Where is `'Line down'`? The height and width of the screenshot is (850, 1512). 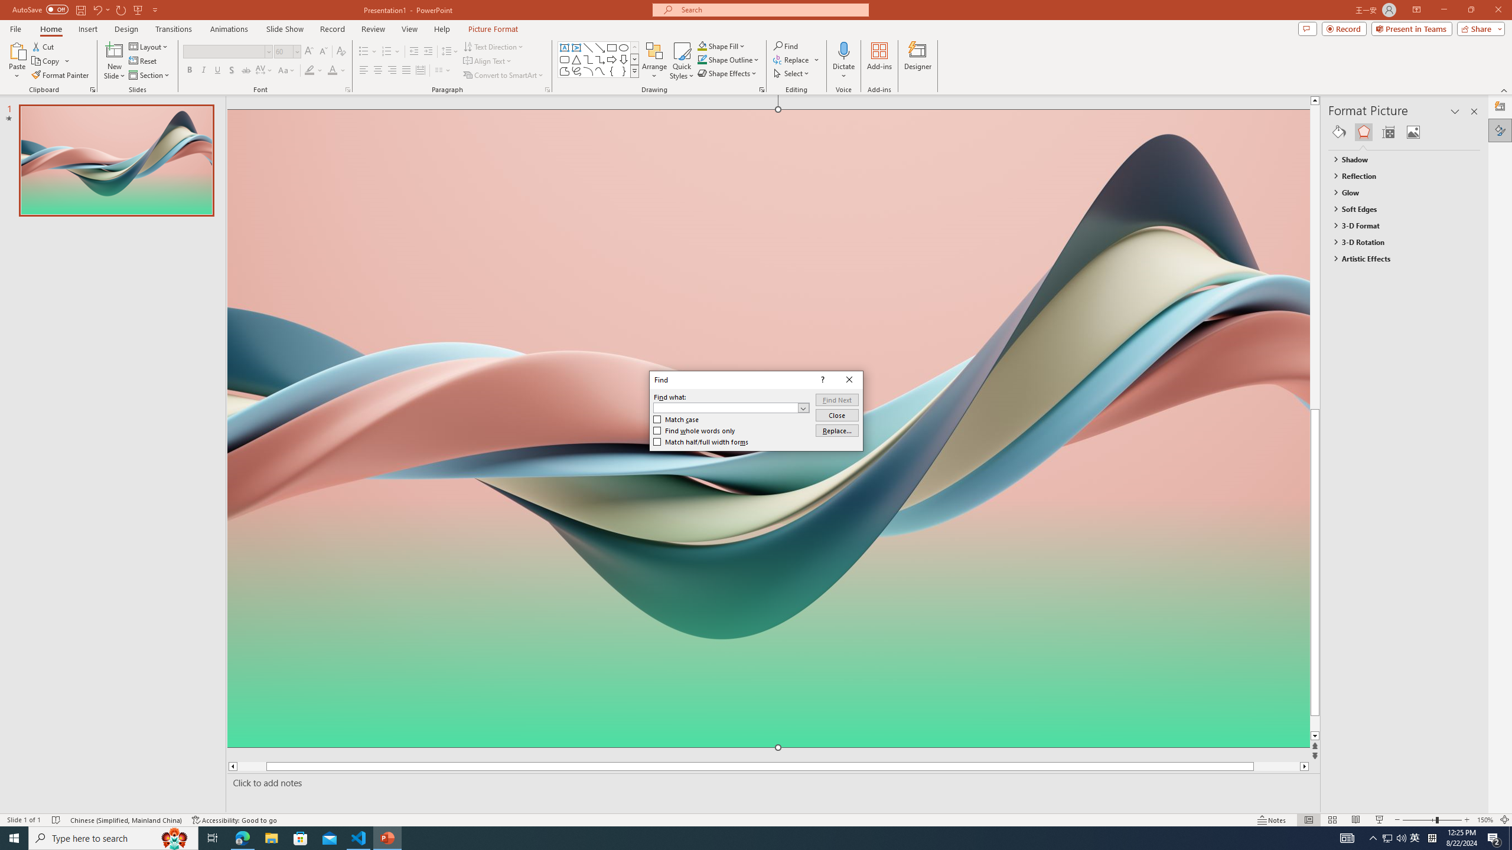
'Line down' is located at coordinates (1337, 735).